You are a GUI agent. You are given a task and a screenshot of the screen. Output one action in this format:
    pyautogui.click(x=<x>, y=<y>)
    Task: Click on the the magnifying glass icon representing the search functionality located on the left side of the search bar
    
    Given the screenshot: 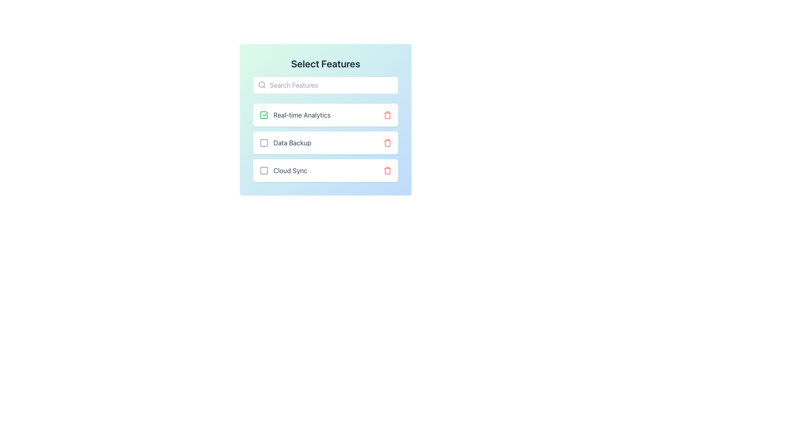 What is the action you would take?
    pyautogui.click(x=262, y=85)
    